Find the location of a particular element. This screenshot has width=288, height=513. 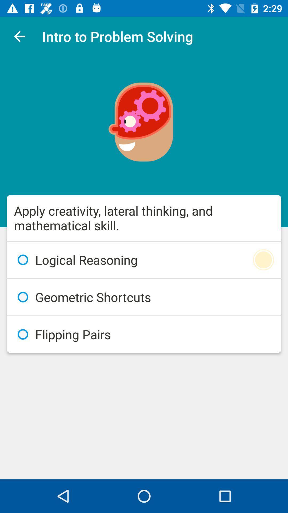

the item above the flipping pairs icon is located at coordinates (144, 297).